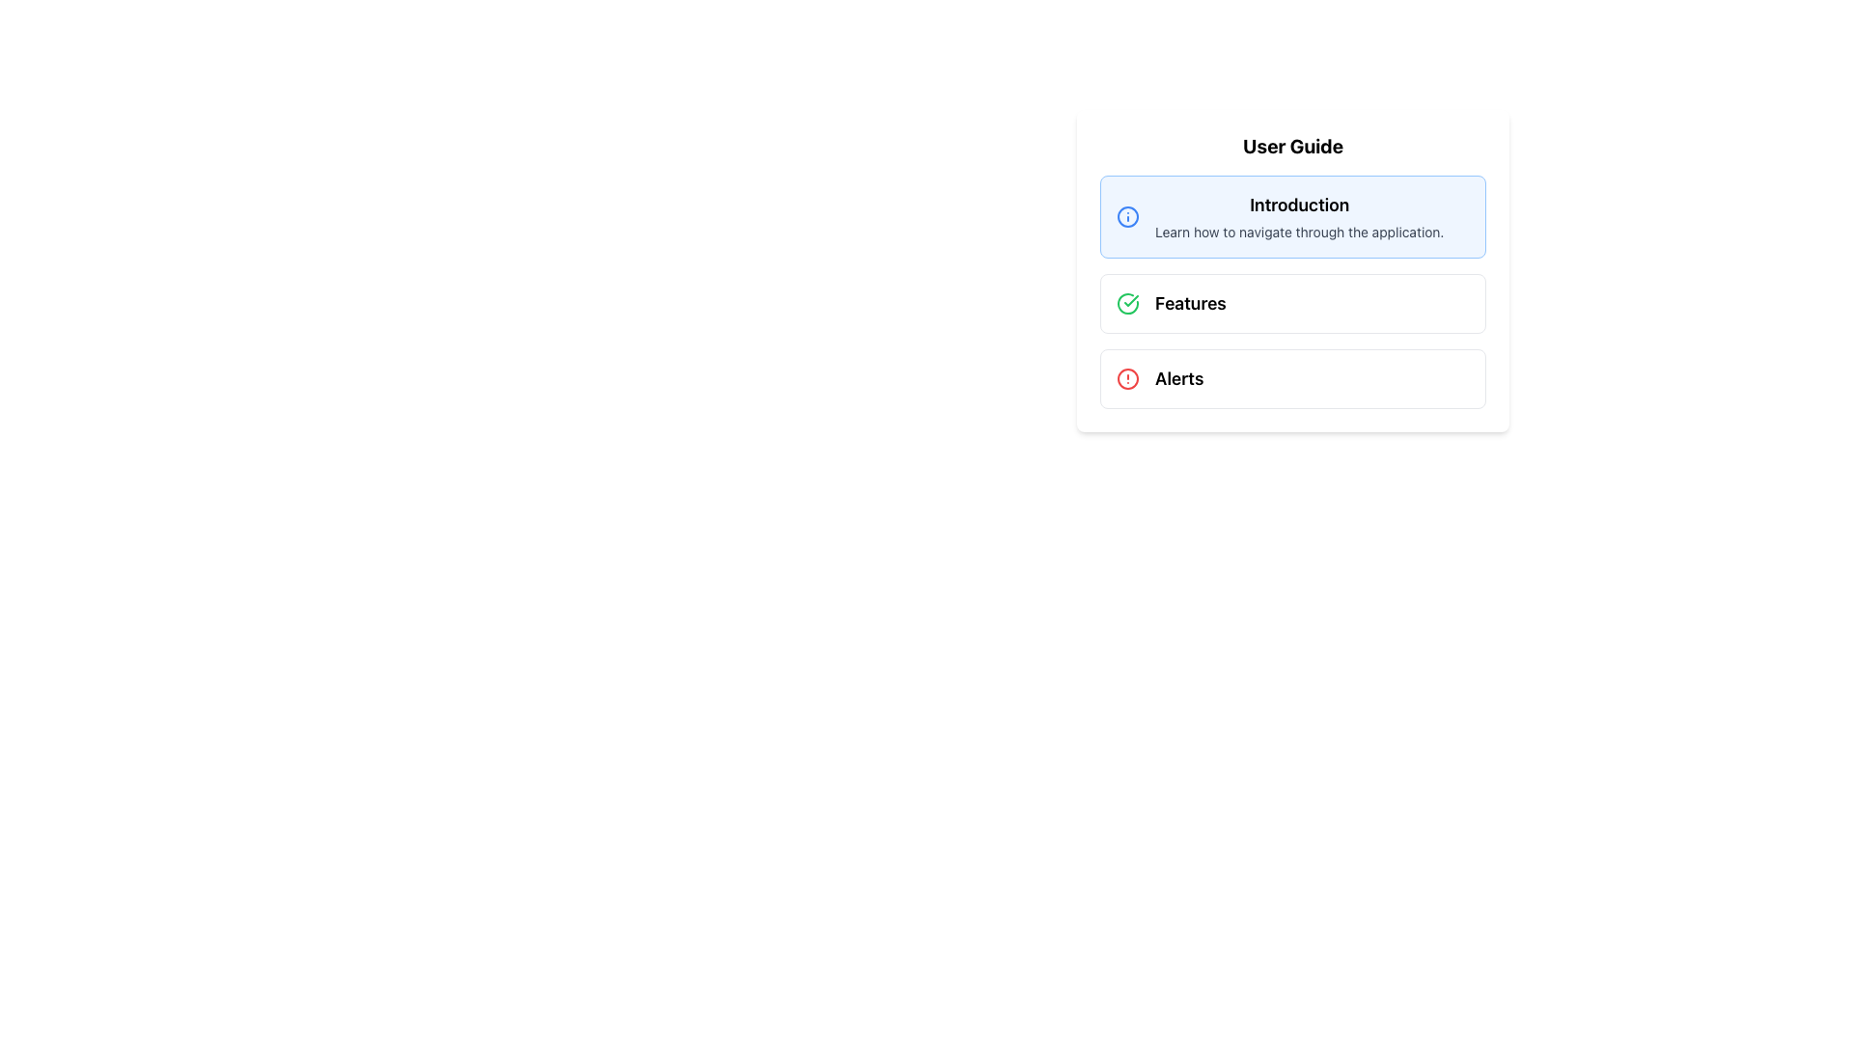 Image resolution: width=1853 pixels, height=1042 pixels. I want to click on the Information Icon located on the far left of the 'Introduction' section in the User Guide, which visually indicates additional context about the section, so click(1128, 216).